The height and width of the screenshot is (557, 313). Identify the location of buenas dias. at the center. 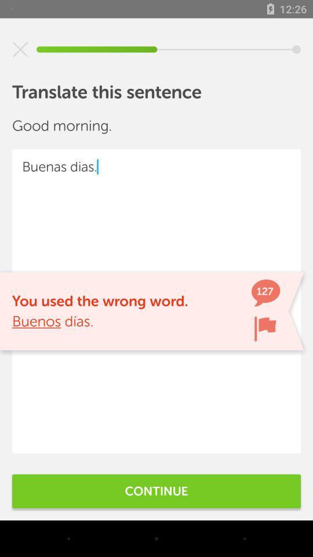
(156, 301).